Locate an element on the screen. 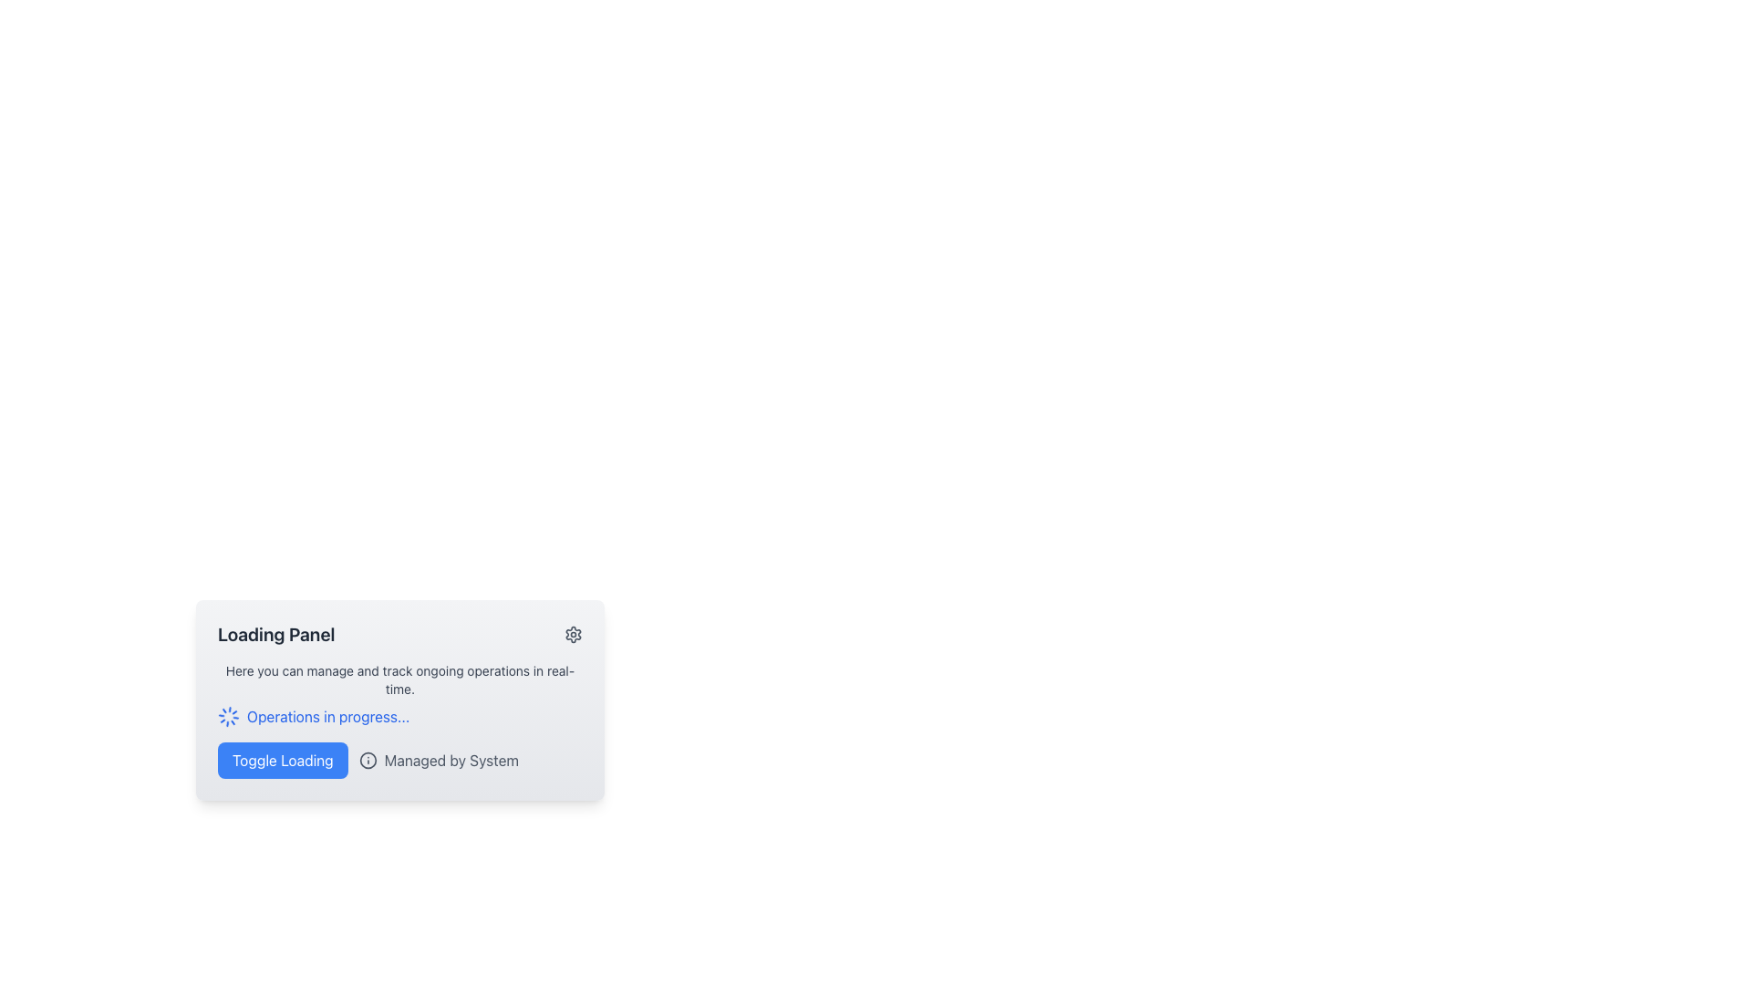 This screenshot has width=1751, height=985. the informational text element indicating 'Managed by System', which is located to the right of the 'Toggle Loading' button in a horizontal layout is located at coordinates (439, 760).